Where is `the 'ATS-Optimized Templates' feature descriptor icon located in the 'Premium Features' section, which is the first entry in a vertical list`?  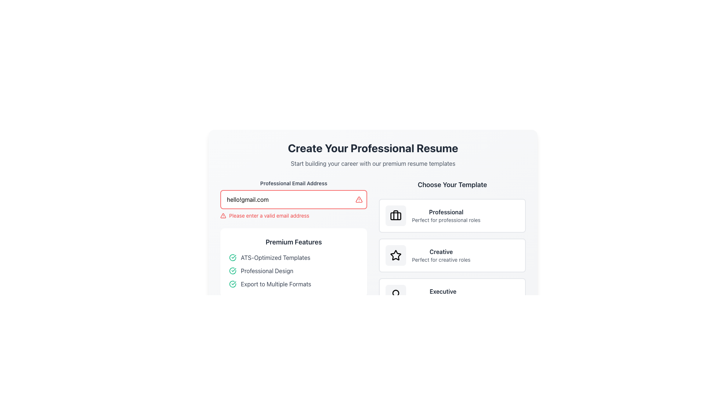 the 'ATS-Optimized Templates' feature descriptor icon located in the 'Premium Features' section, which is the first entry in a vertical list is located at coordinates (294, 257).